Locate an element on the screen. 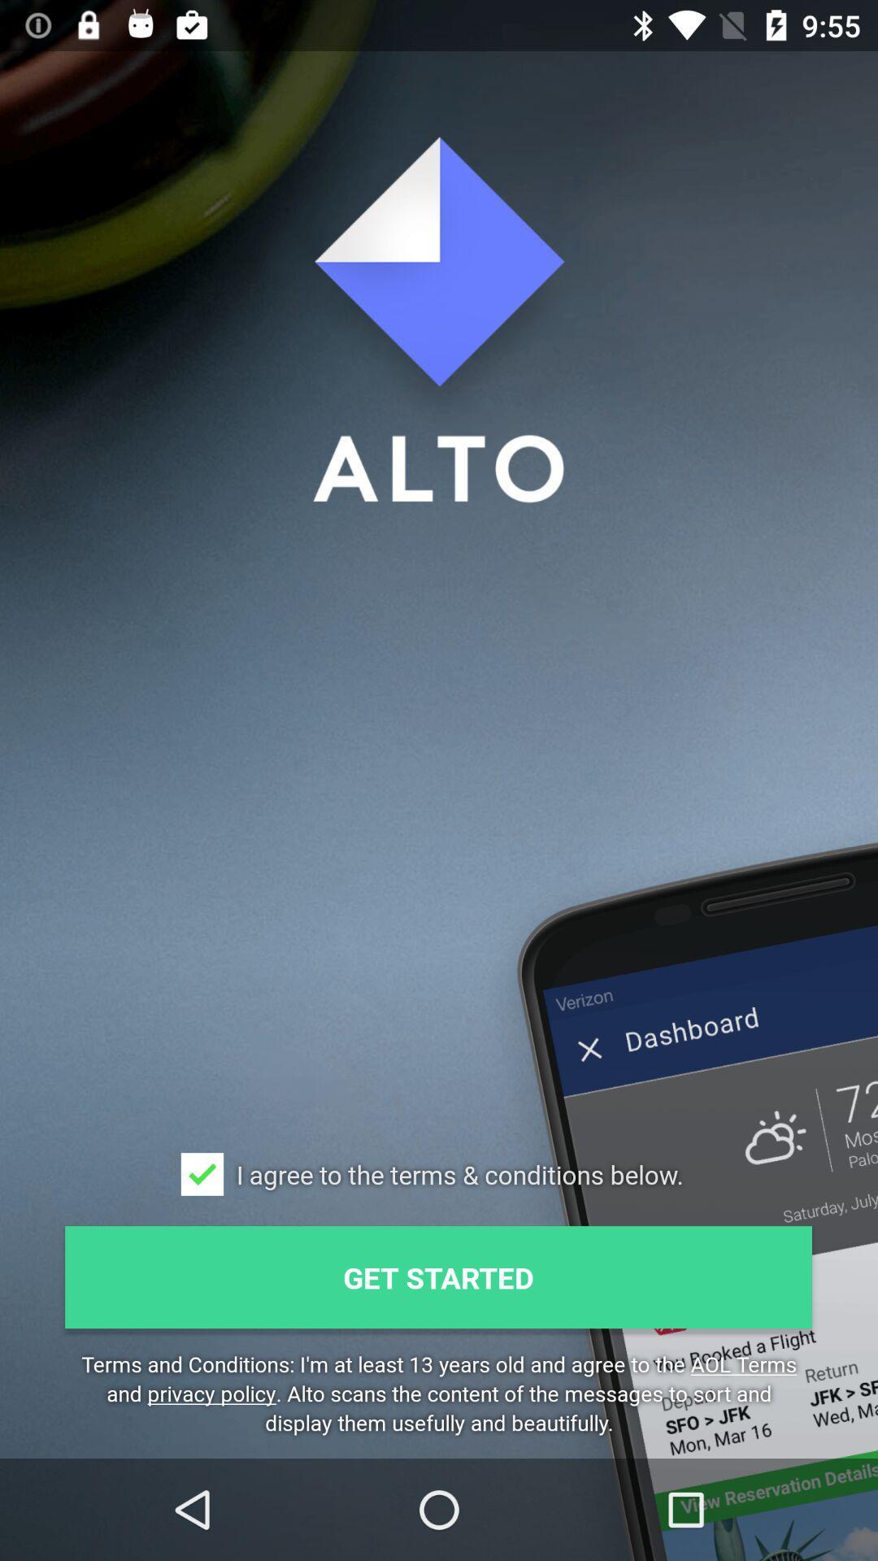  the icon at the bottom left corner is located at coordinates (202, 1174).